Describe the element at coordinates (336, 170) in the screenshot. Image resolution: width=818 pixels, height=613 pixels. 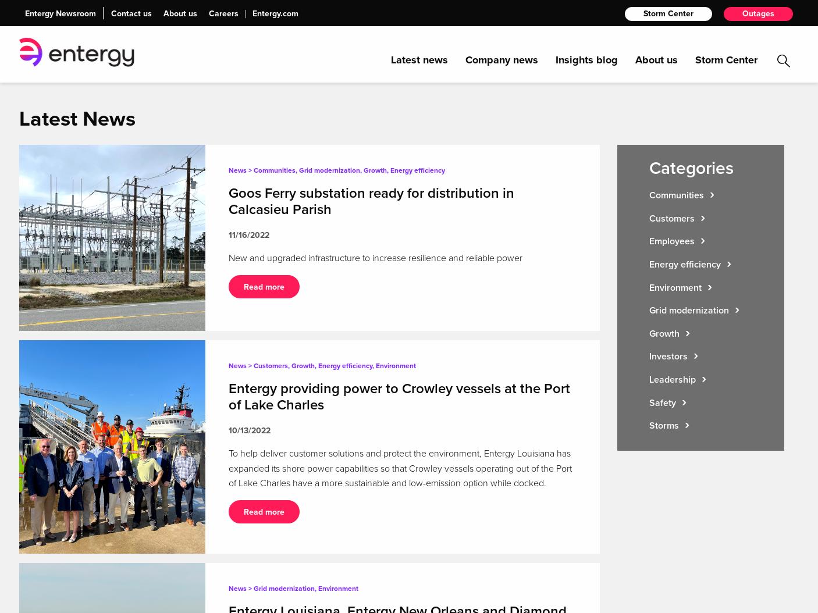
I see `'News > Communities, Grid modernization, Growth, Energy efficiency'` at that location.